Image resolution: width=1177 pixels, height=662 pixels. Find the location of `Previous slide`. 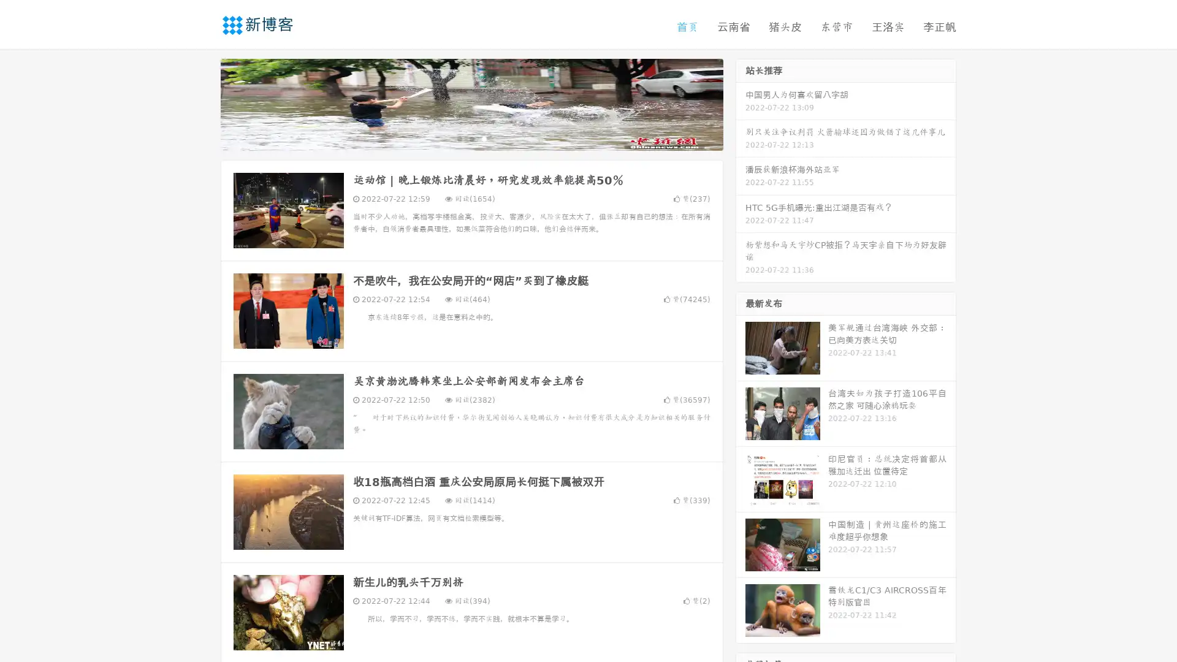

Previous slide is located at coordinates (202, 103).